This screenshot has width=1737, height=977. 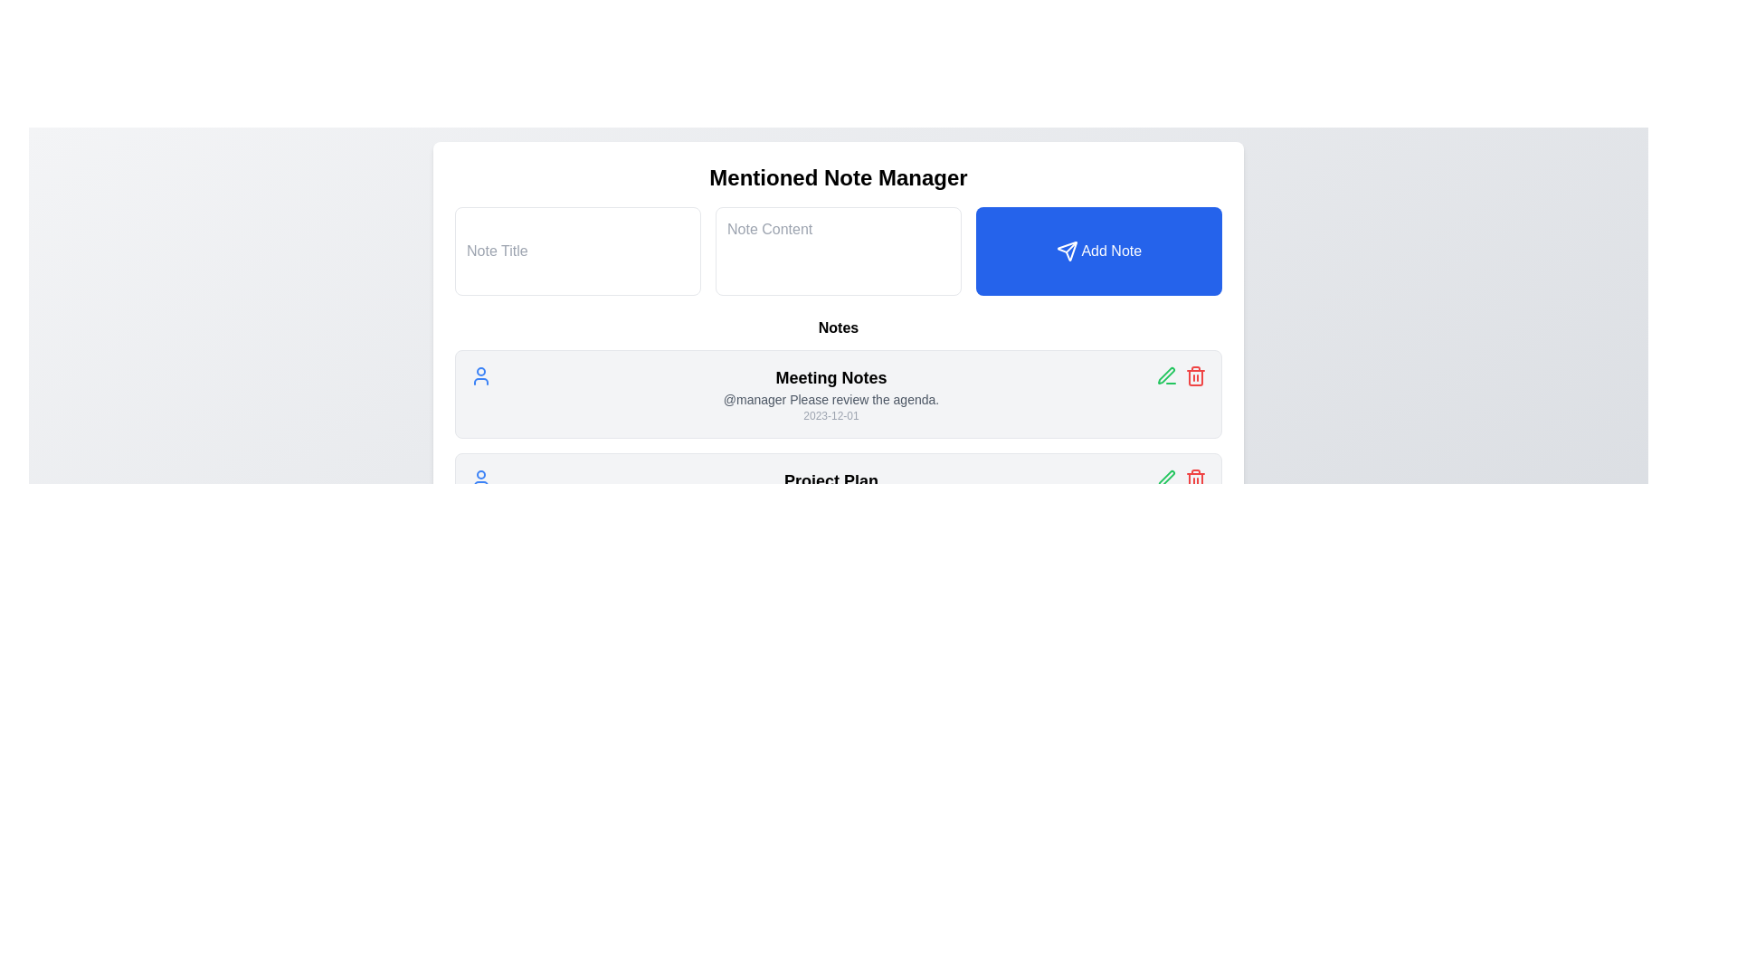 I want to click on the green pen icon button representing edit functionality in the 'Project Plan' note item to change its color, so click(x=1167, y=478).